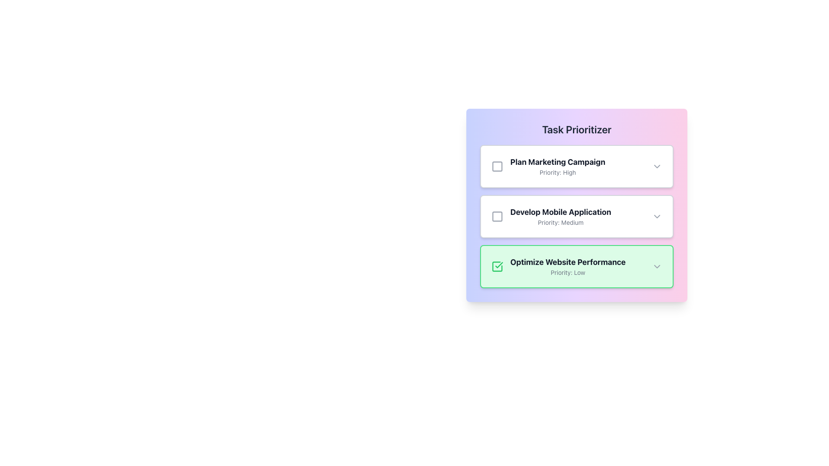 This screenshot has height=466, width=829. I want to click on the task title text in the uppermost task card to interact with the task, located to the right of the checkbox and above the dropdown toggle icon, so click(557, 166).